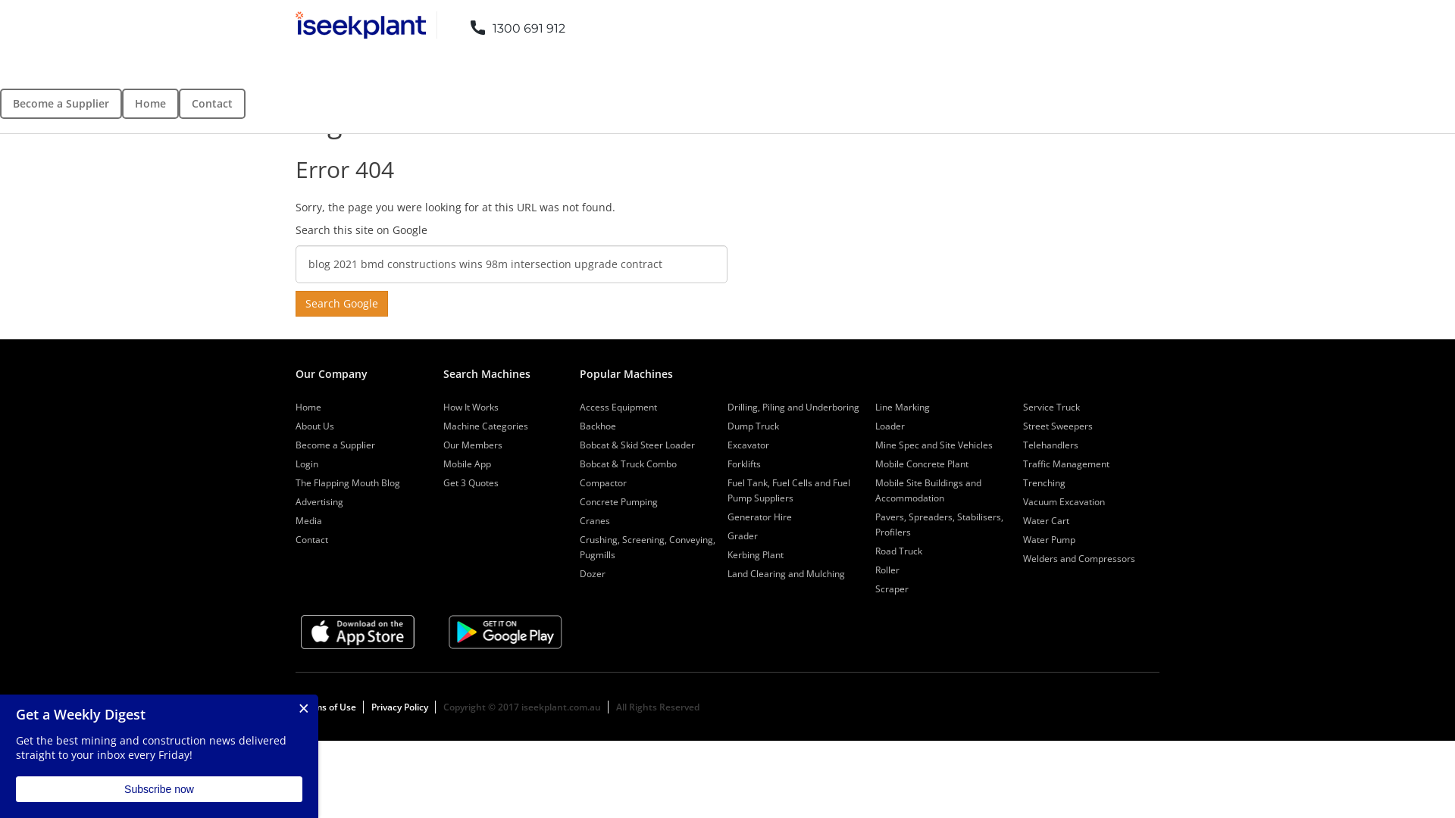 The width and height of the screenshot is (1455, 818). What do you see at coordinates (902, 406) in the screenshot?
I see `'Line Marking'` at bounding box center [902, 406].